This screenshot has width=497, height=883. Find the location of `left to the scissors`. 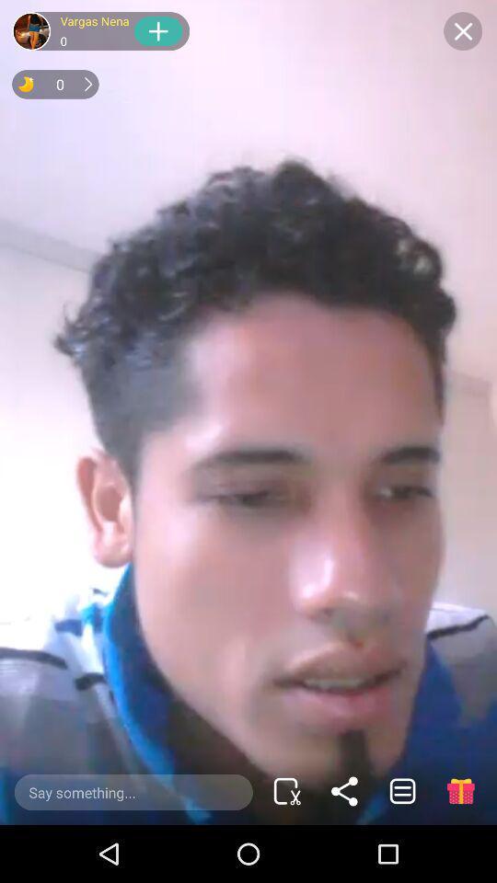

left to the scissors is located at coordinates (133, 791).